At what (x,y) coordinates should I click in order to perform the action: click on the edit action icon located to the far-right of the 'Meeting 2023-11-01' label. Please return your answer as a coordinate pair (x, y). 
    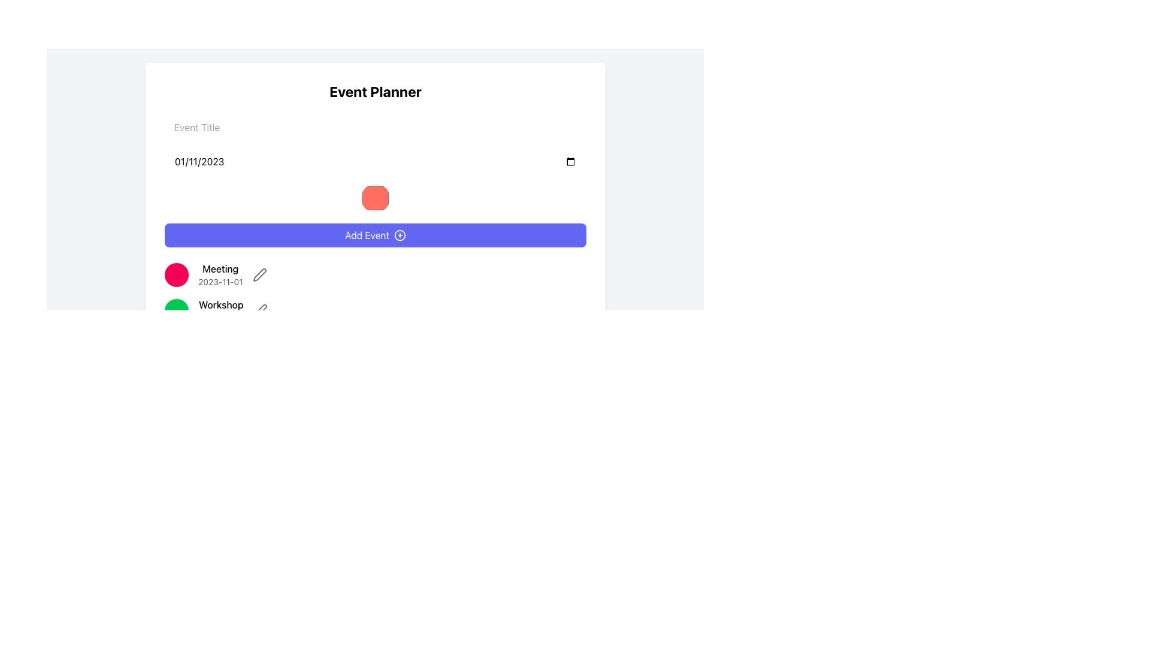
    Looking at the image, I should click on (259, 275).